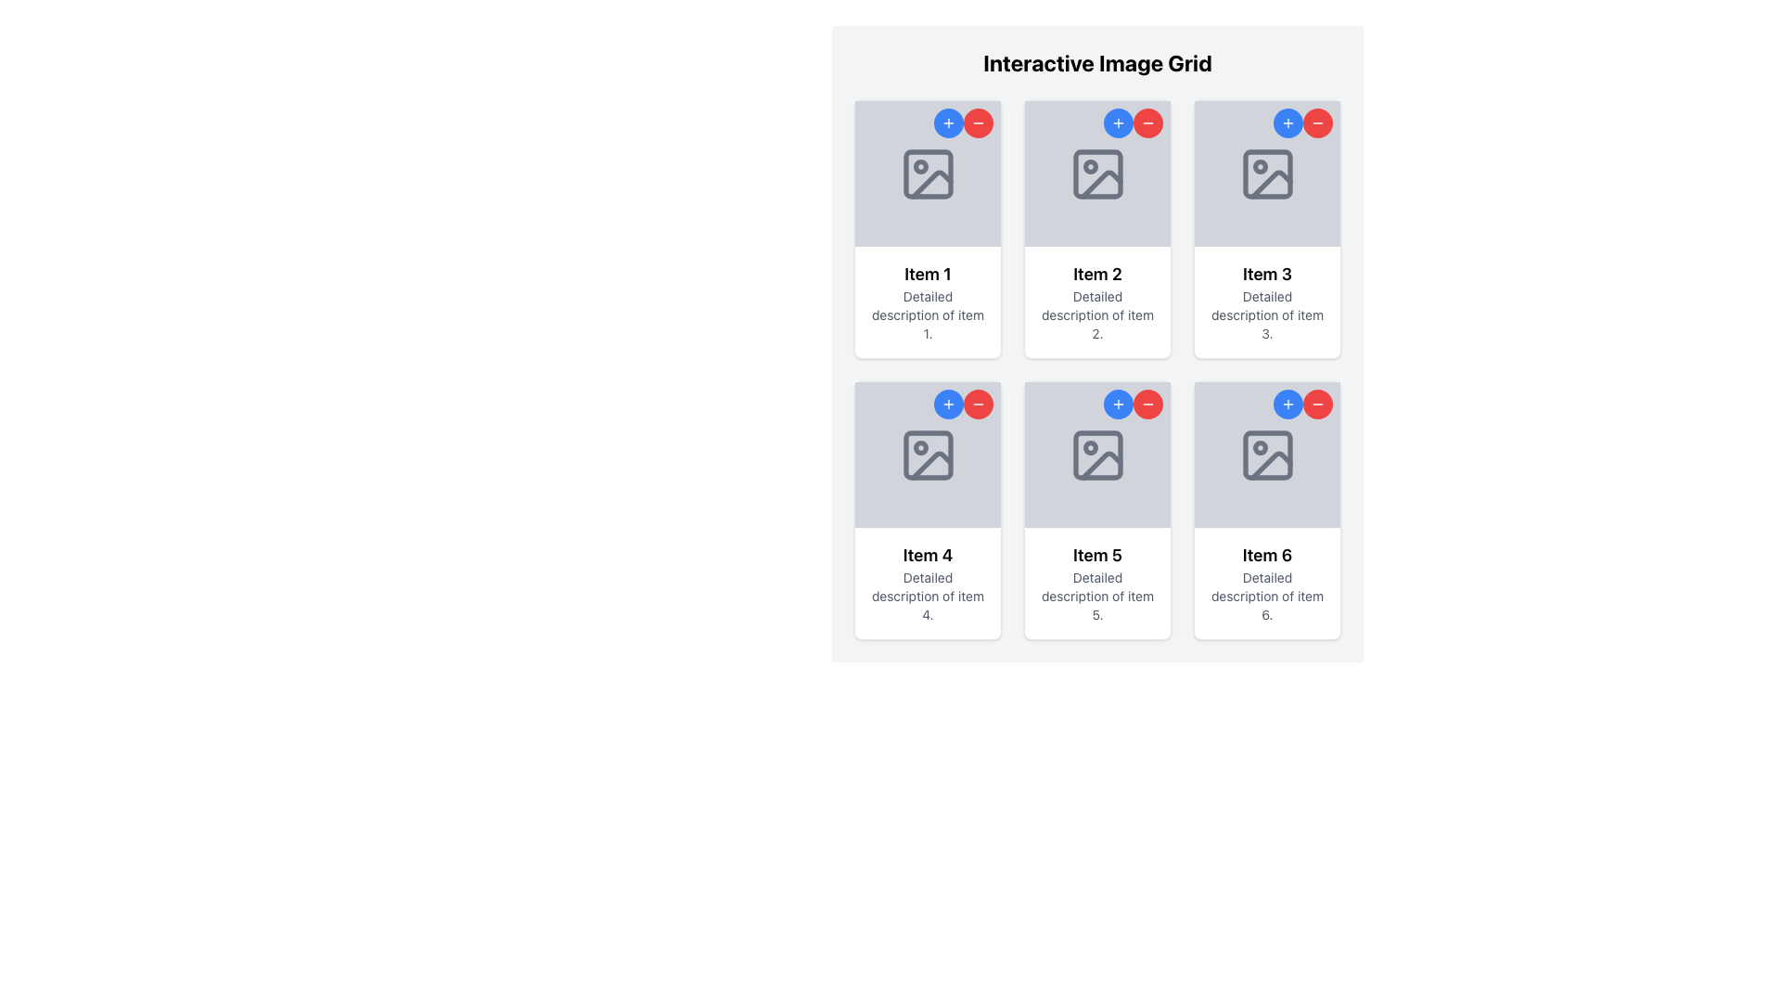 Image resolution: width=1781 pixels, height=1002 pixels. What do you see at coordinates (928, 314) in the screenshot?
I see `the text element displaying 'Detailed description of item 1.' located below the headline 'Item 1' in the first card of a 3x2 grid` at bounding box center [928, 314].